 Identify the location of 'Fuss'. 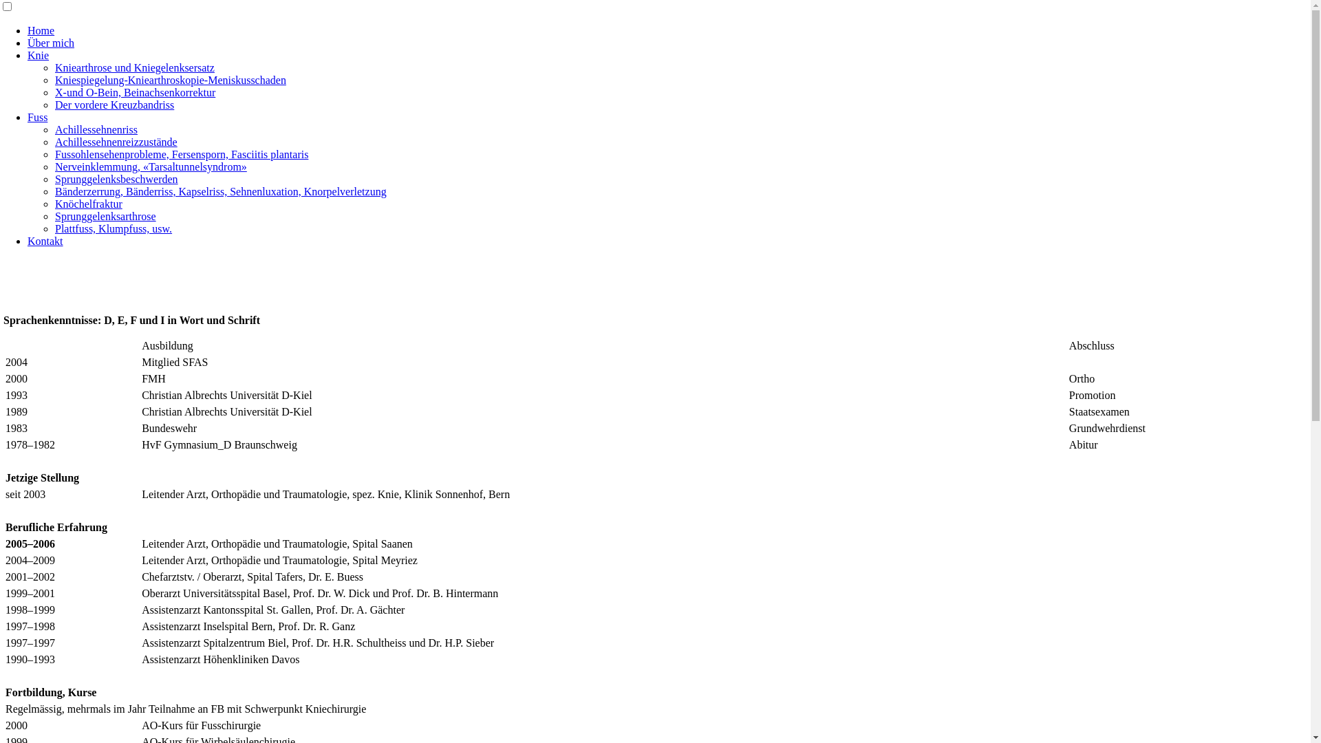
(37, 116).